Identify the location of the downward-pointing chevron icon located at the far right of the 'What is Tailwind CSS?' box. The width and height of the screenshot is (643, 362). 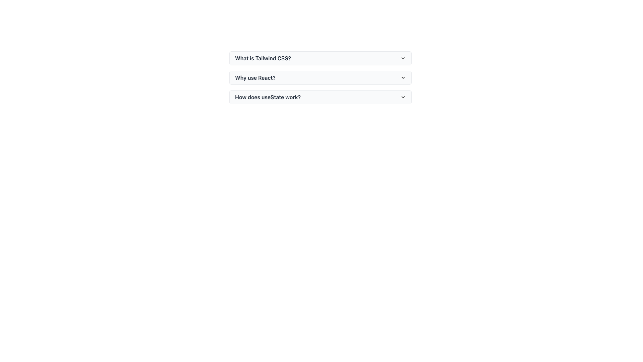
(403, 58).